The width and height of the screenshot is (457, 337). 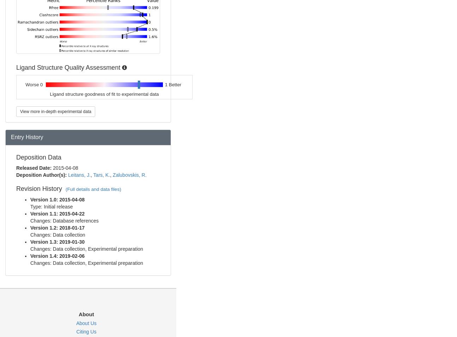 I want to click on 'Version 1.3: 2019-01-30', so click(x=57, y=242).